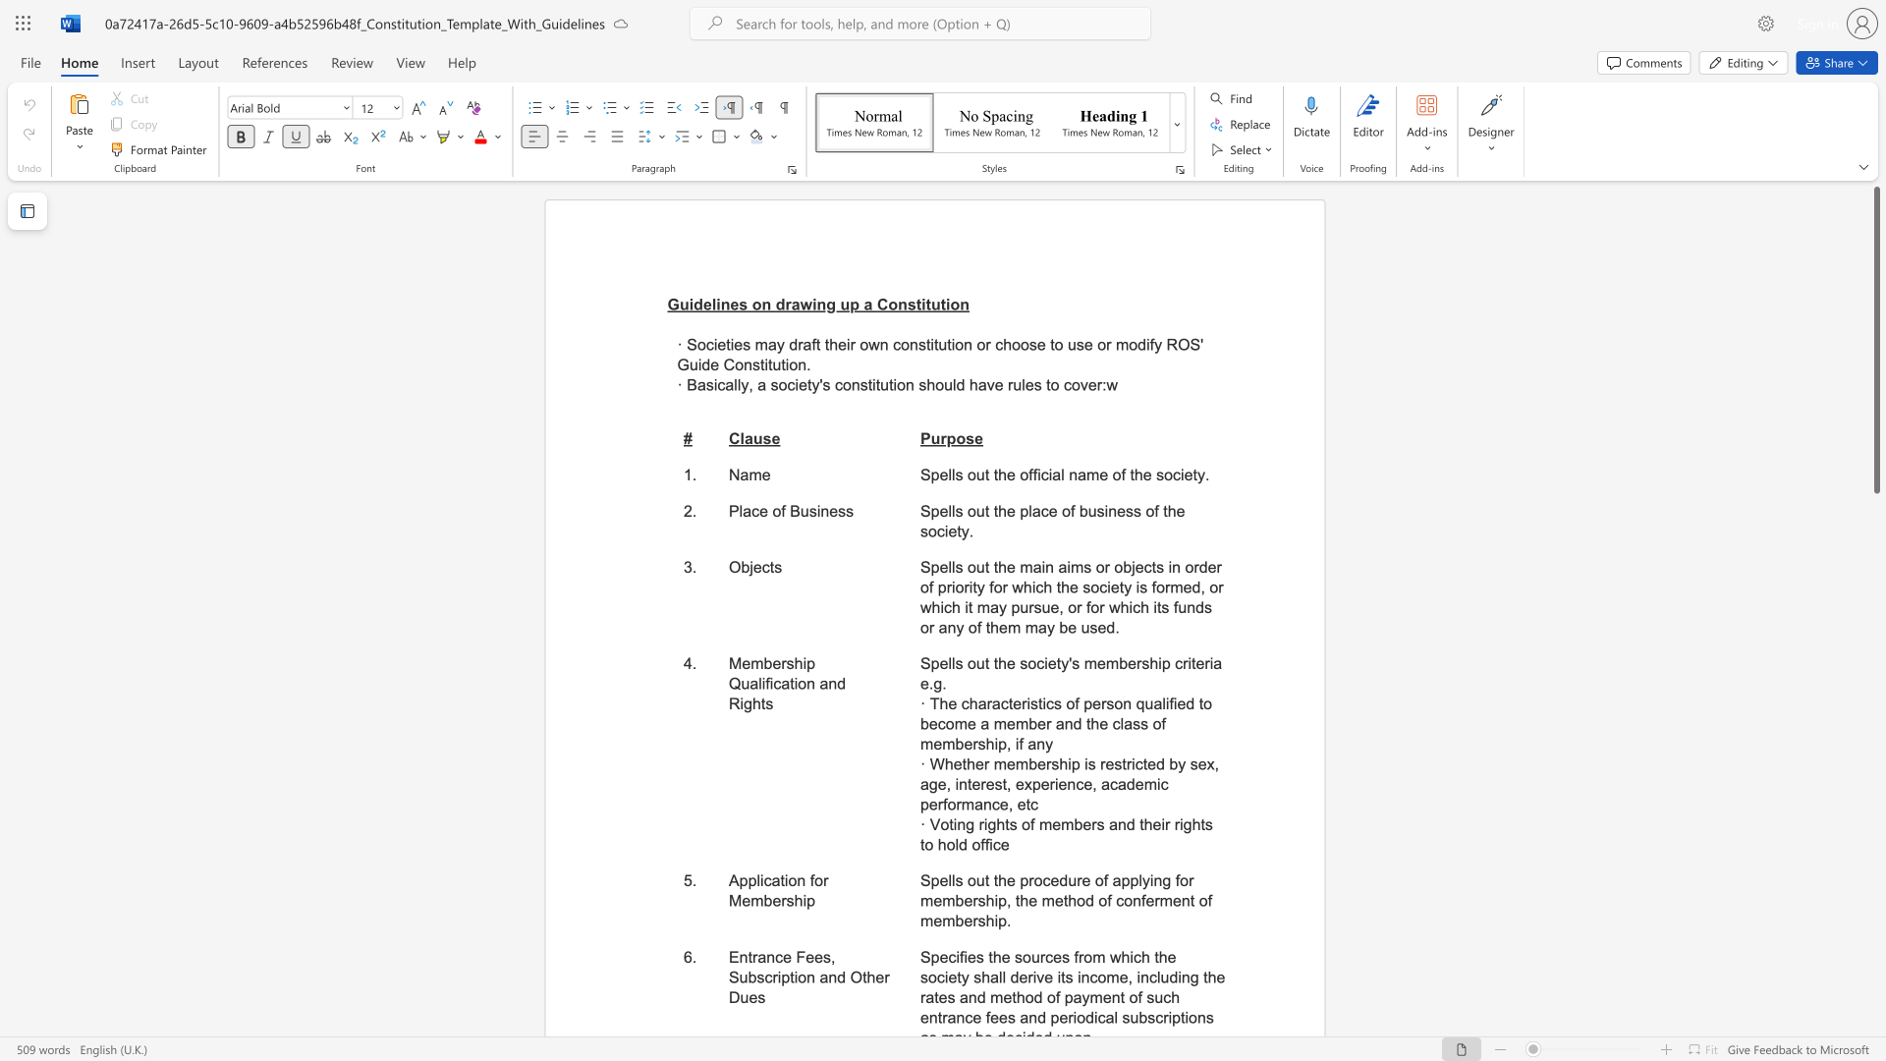  Describe the element at coordinates (724, 385) in the screenshot. I see `the subset text "al" within the text "Basically, a"` at that location.